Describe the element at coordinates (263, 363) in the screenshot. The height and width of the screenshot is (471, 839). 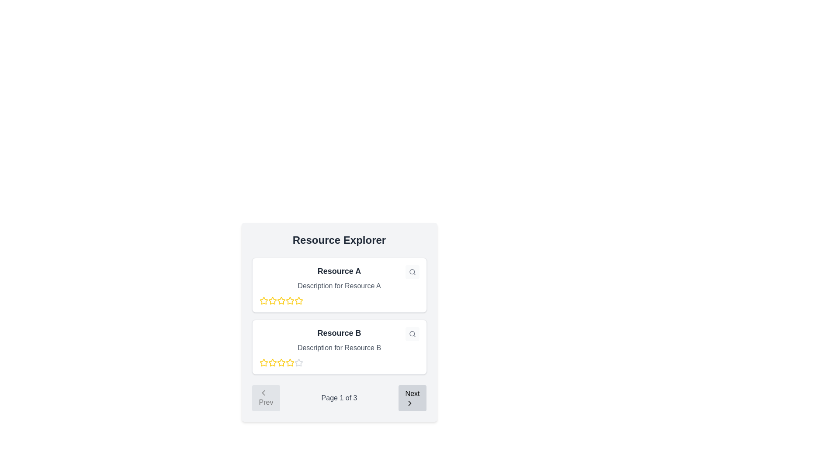
I see `the first yellow star-shaped rating icon for 'Resource B' located in the second row of the resource explorer` at that location.